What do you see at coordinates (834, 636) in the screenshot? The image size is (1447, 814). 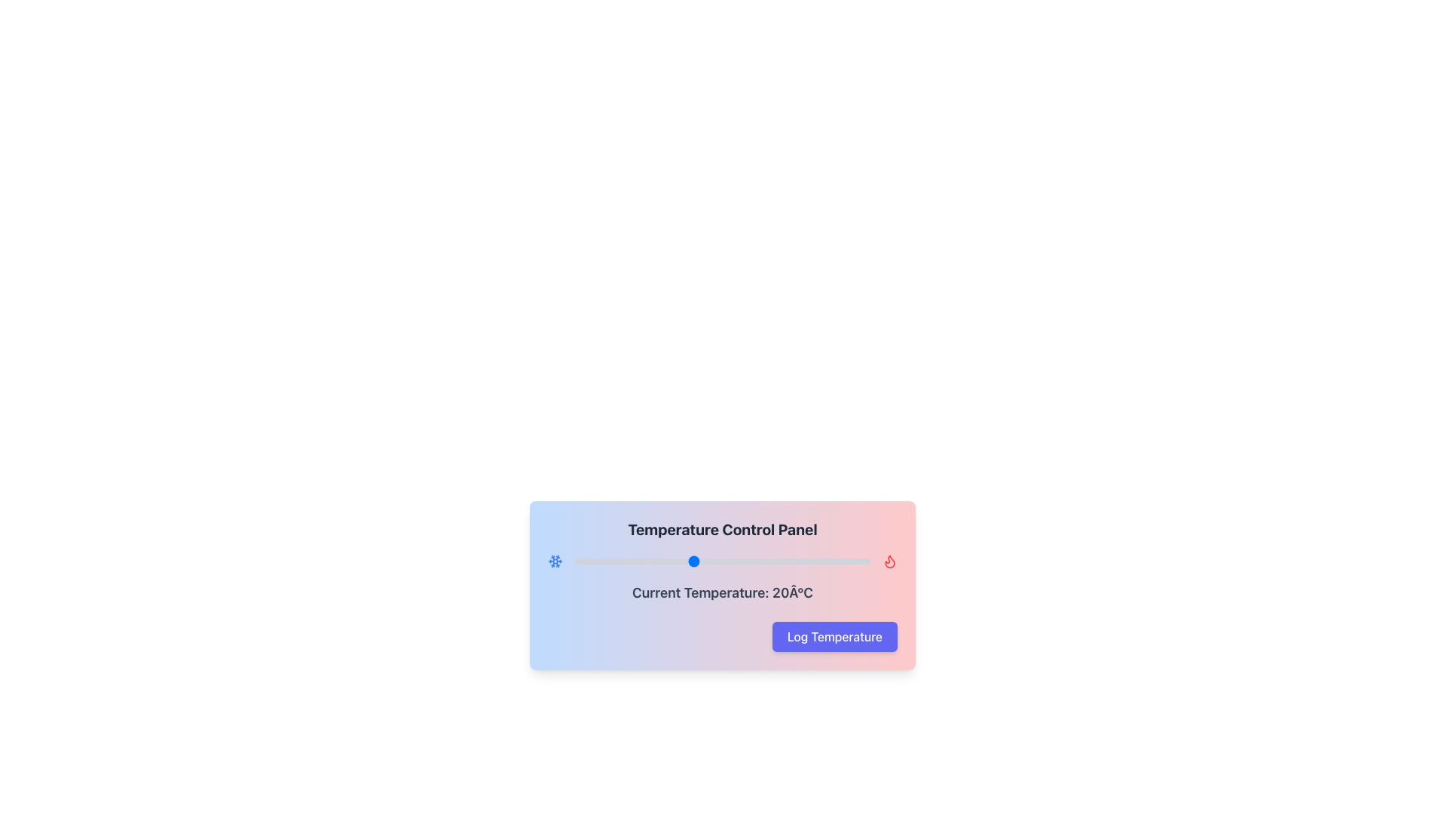 I see `the indigo 'Log Temperature' button with white text, located near the bottom right of the temperature control panel, to log the temperature` at bounding box center [834, 636].